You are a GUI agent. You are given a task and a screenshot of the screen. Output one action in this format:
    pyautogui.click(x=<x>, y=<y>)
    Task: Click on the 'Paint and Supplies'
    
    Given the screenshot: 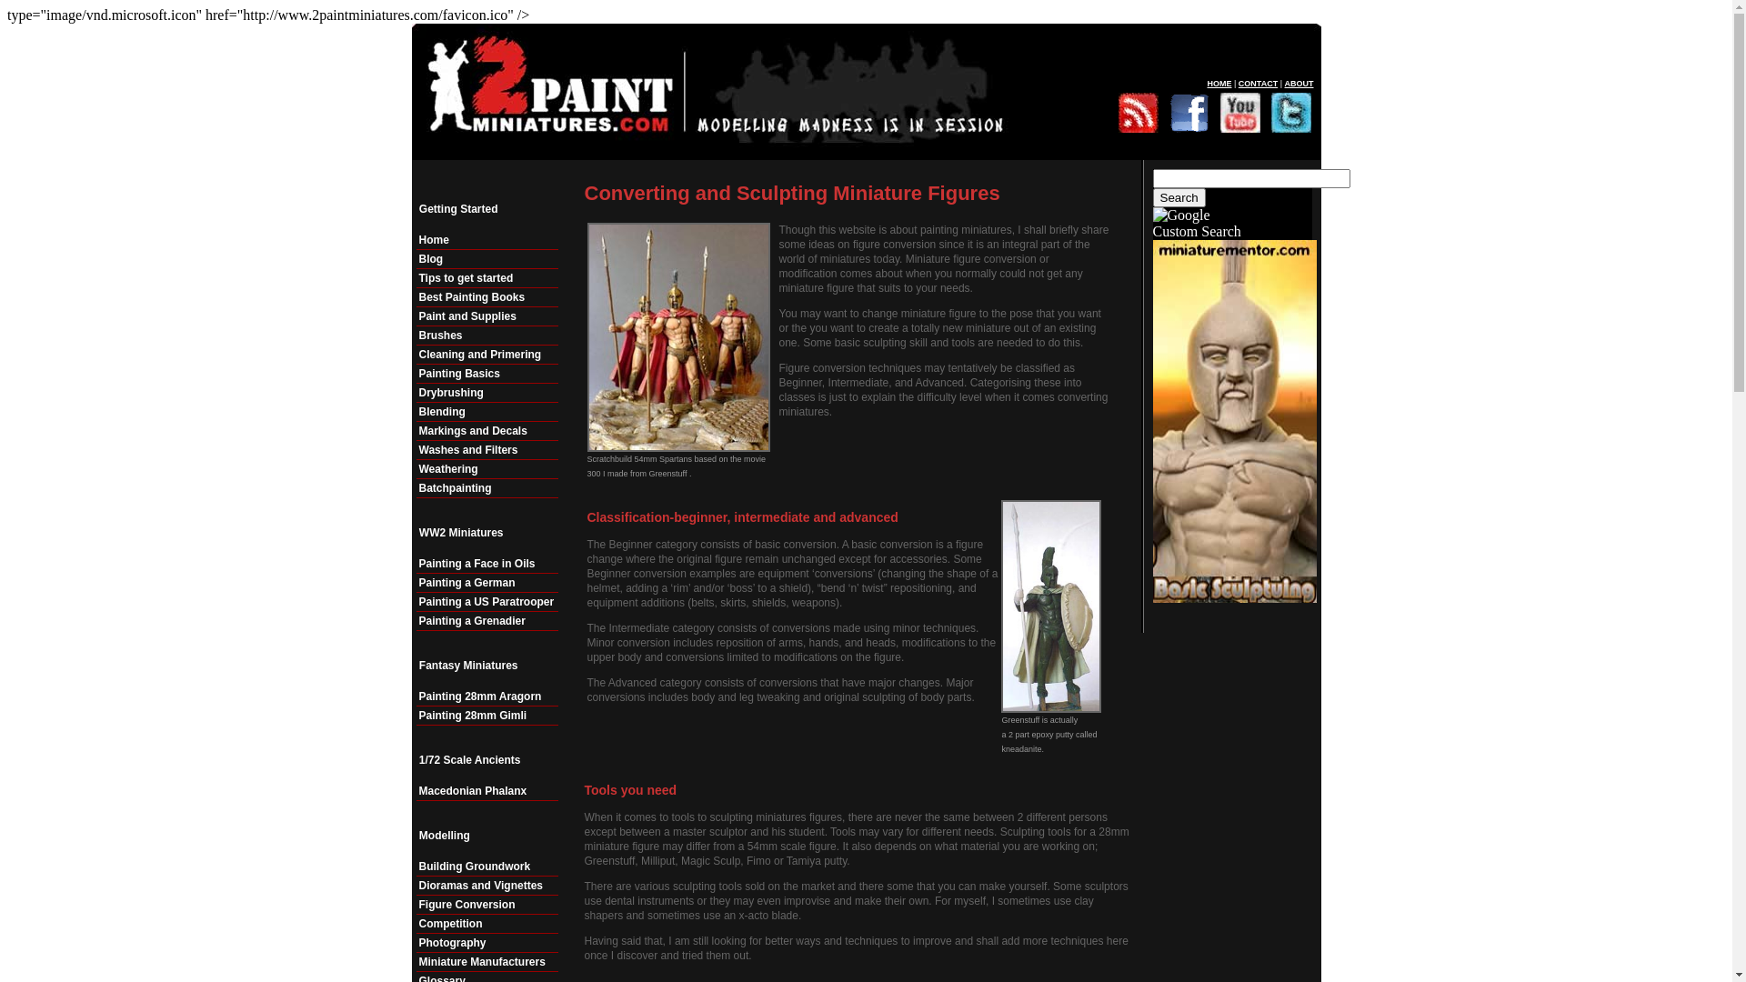 What is the action you would take?
    pyautogui.click(x=487, y=316)
    